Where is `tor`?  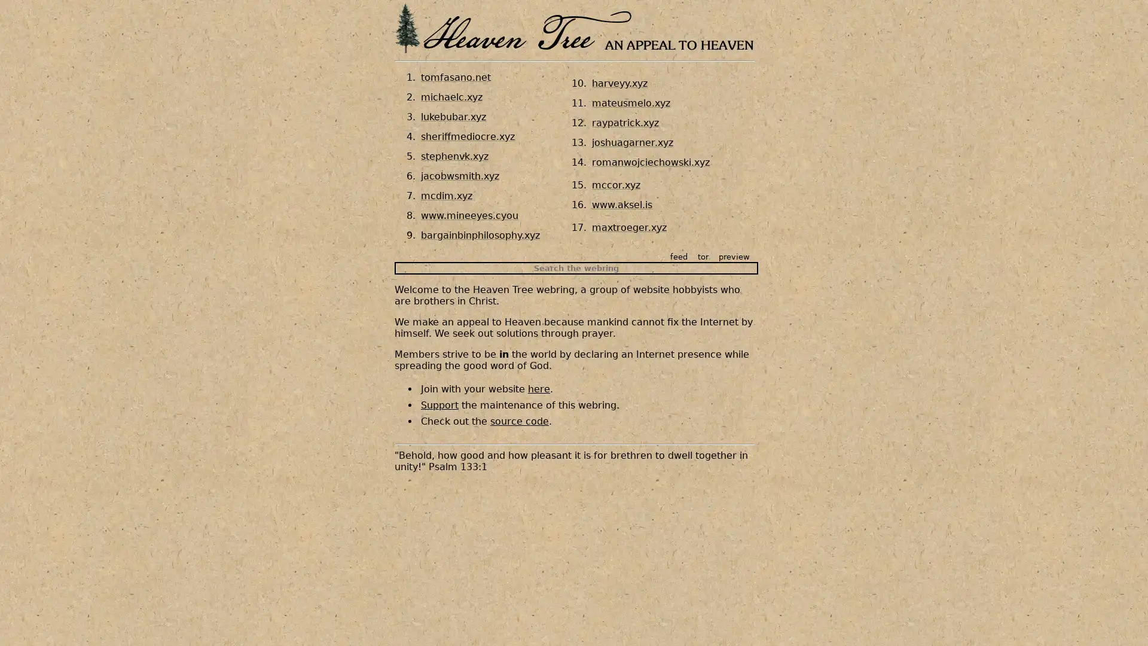 tor is located at coordinates (703, 256).